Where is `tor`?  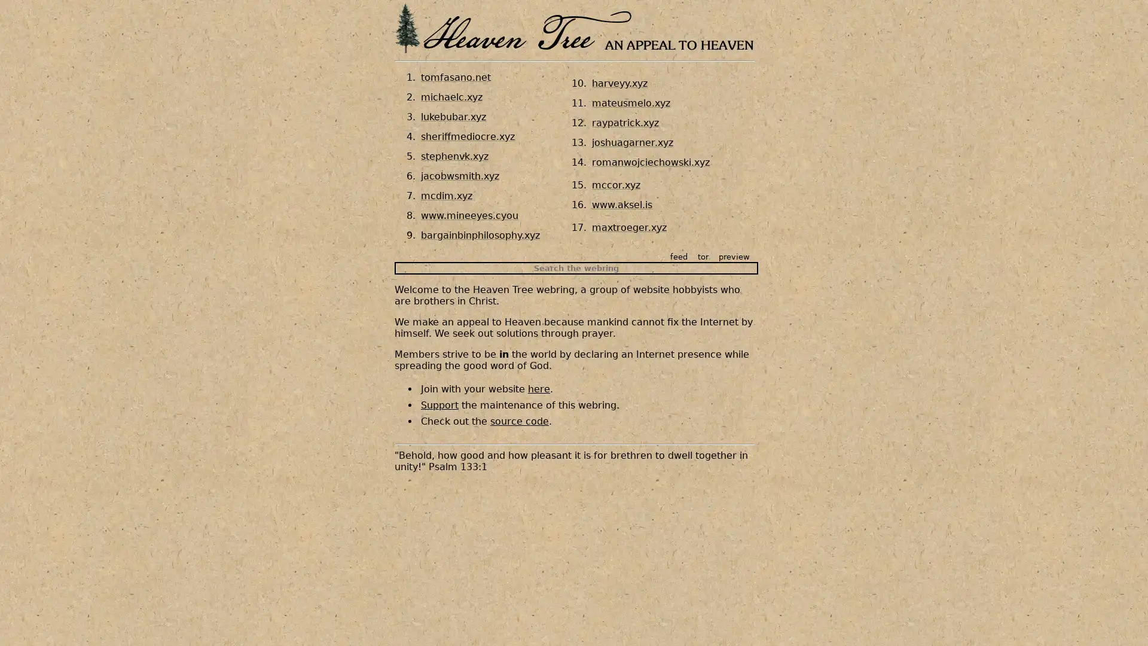 tor is located at coordinates (703, 256).